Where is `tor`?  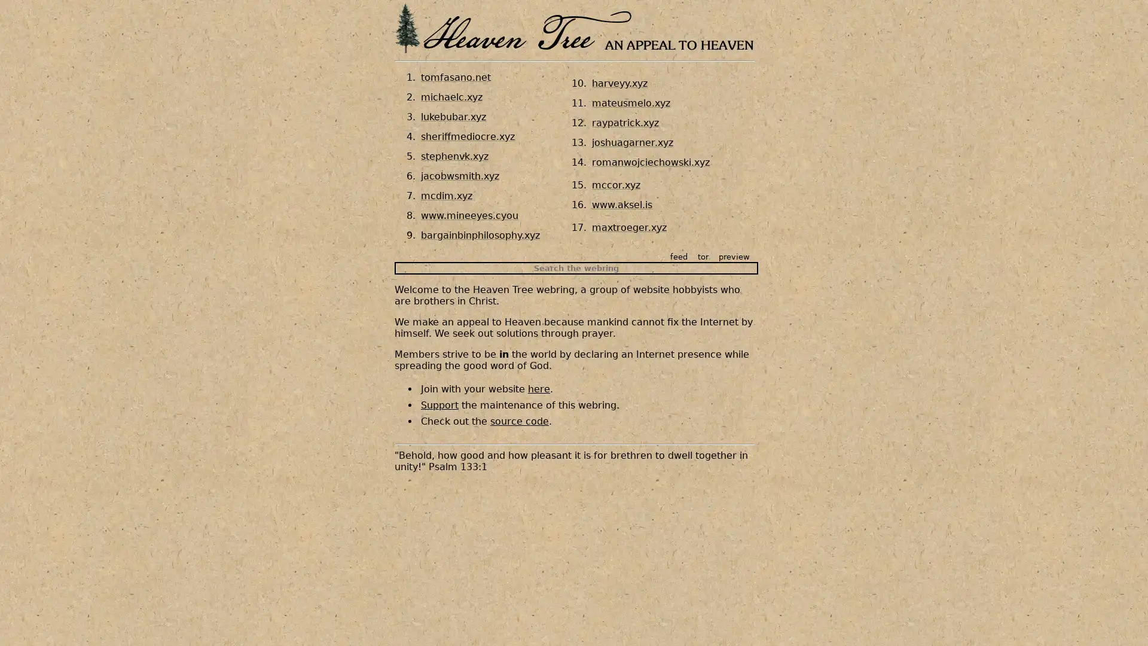 tor is located at coordinates (703, 256).